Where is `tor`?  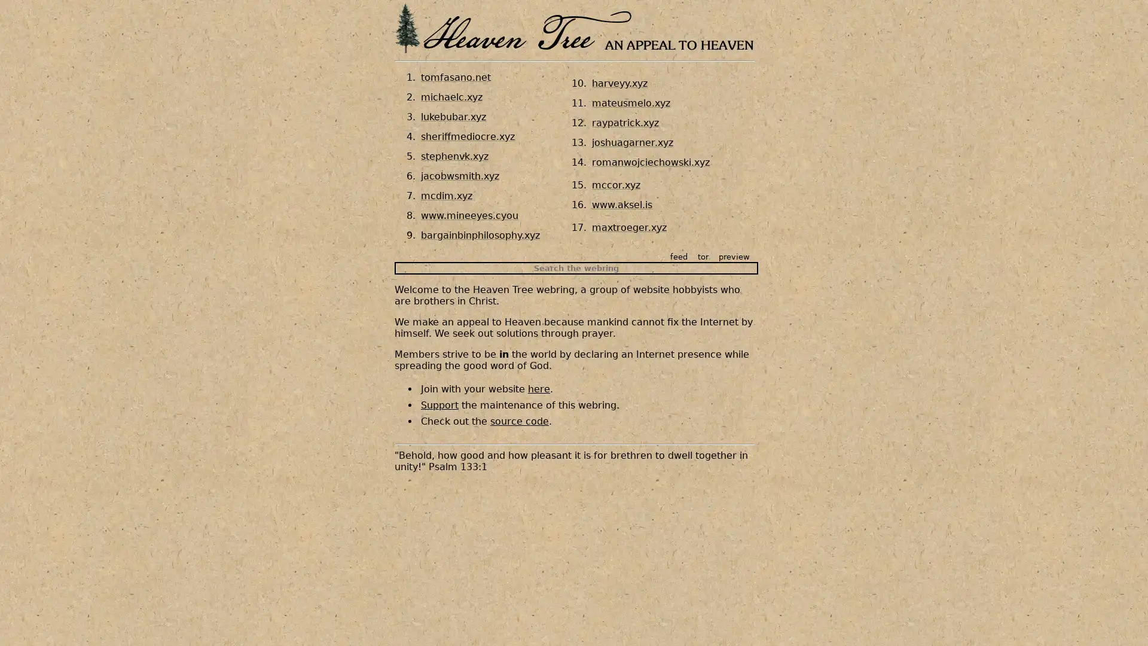 tor is located at coordinates (703, 256).